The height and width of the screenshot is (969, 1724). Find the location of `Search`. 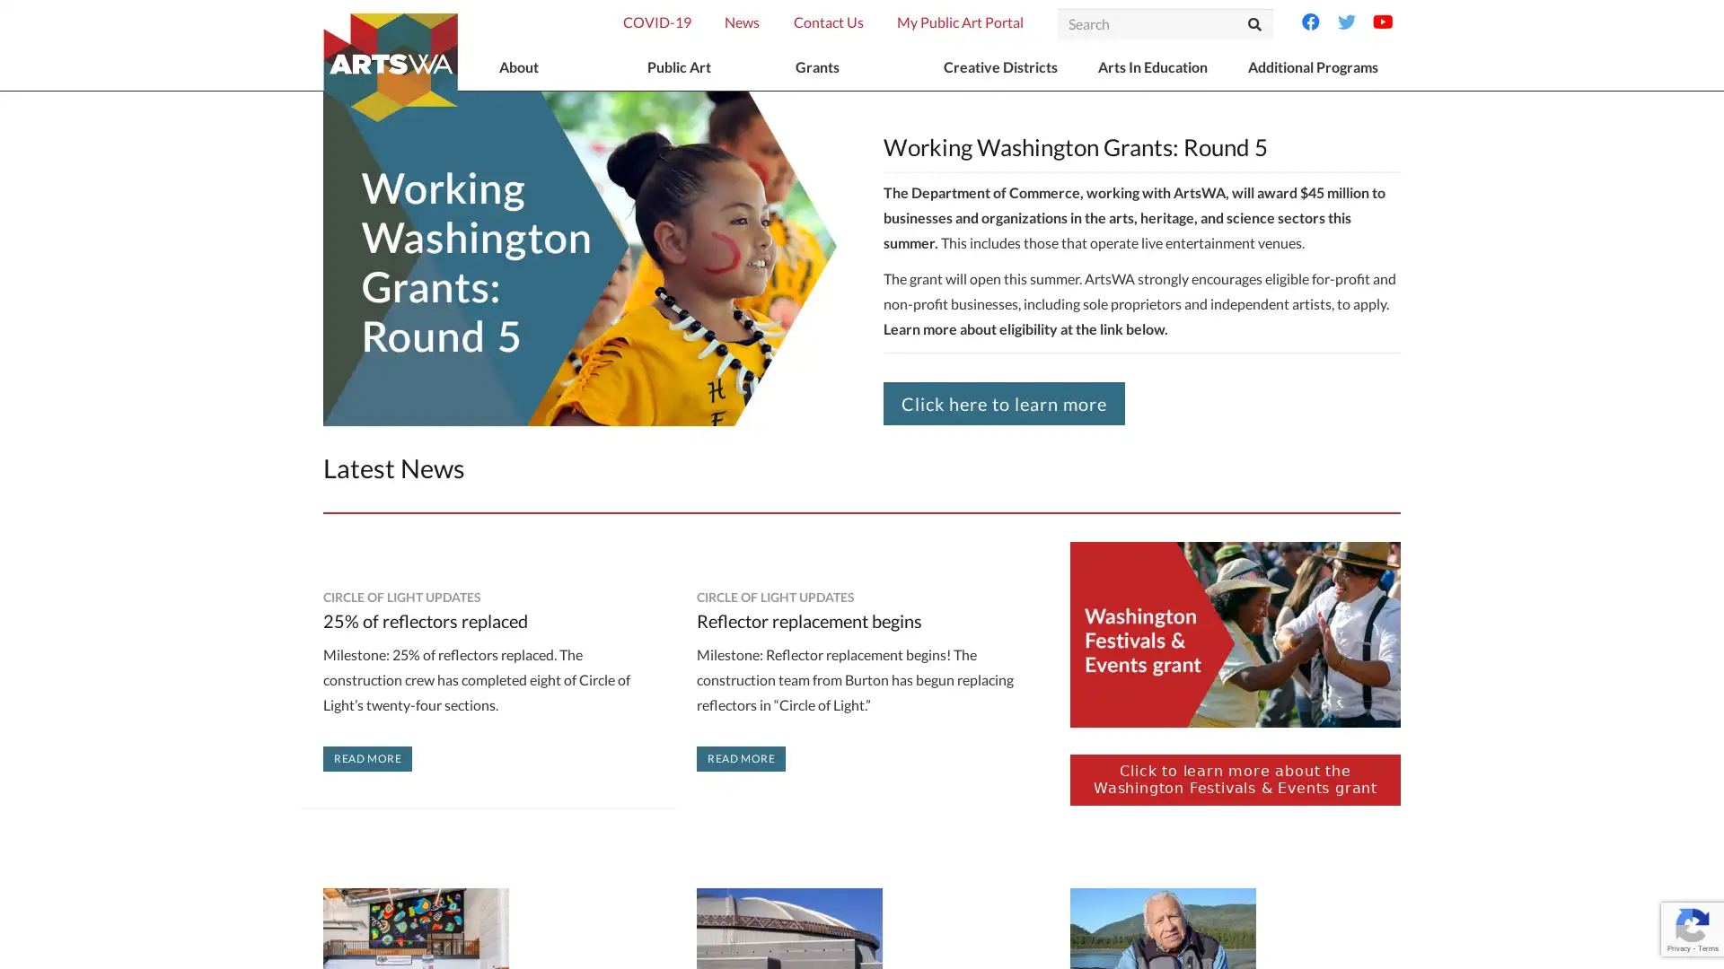

Search is located at coordinates (1253, 24).